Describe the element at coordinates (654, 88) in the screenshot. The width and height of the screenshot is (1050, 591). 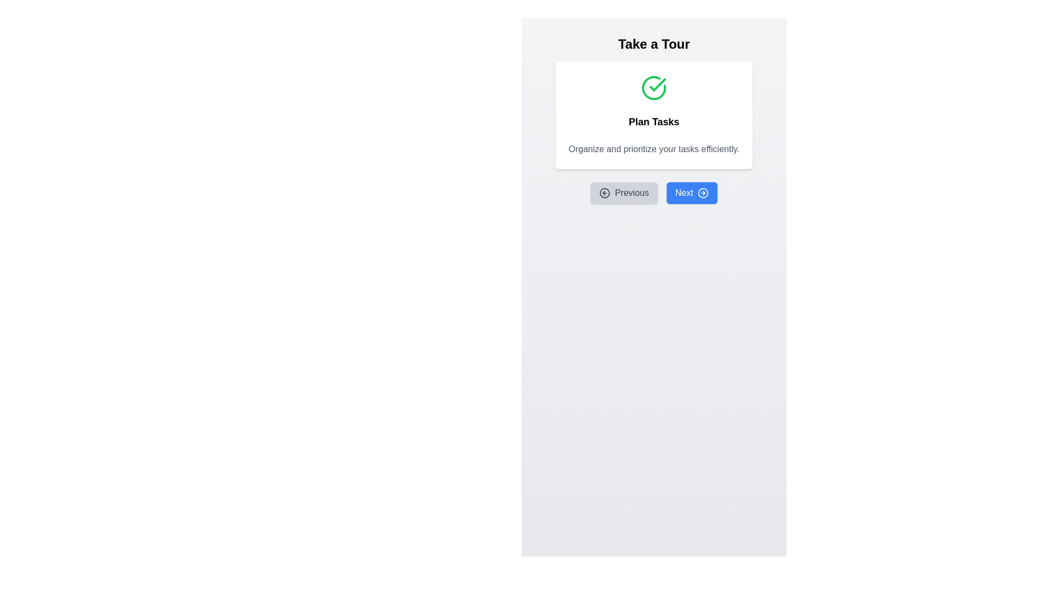
I see `the green circular icon with a checkmark located at the top of the 'Plan Tasks' card` at that location.